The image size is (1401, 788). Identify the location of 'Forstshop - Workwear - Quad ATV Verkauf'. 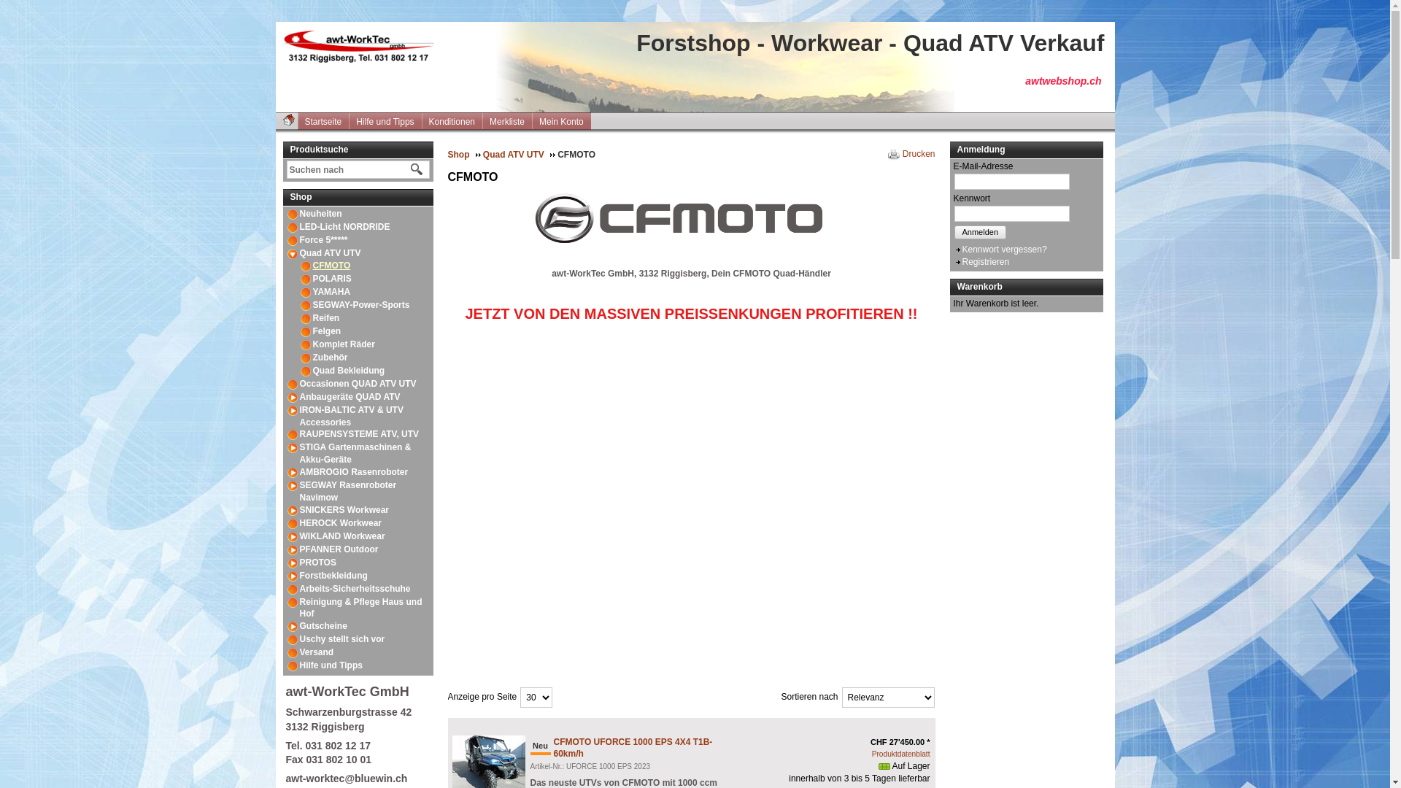
(870, 42).